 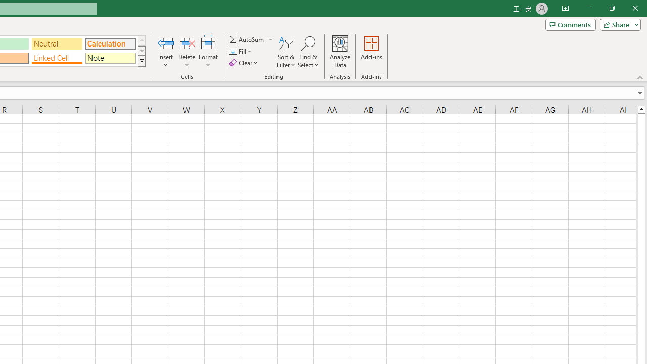 I want to click on 'Neutral', so click(x=57, y=43).